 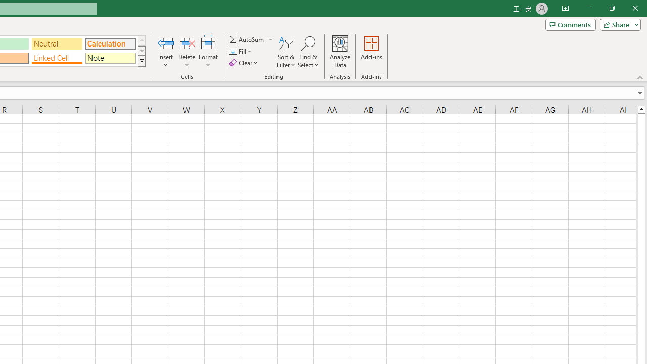 I want to click on 'Neutral', so click(x=57, y=43).